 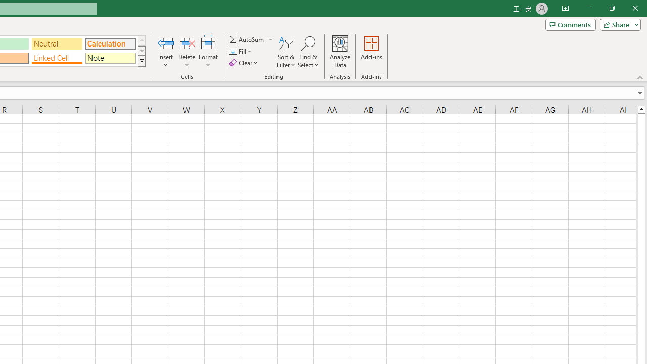 I want to click on 'Neutral', so click(x=57, y=43).